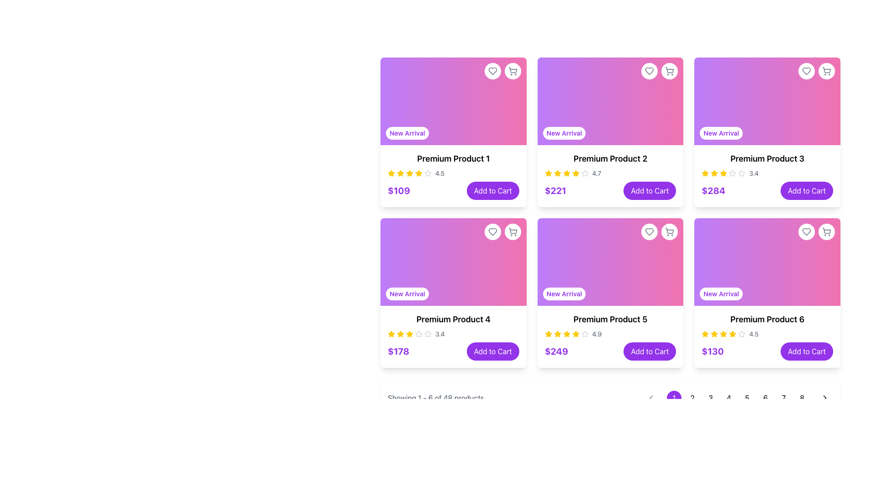 The image size is (877, 493). I want to click on the shopping cart icon located in the top-right corner of the 'Premium Product 1' product card, so click(512, 70).